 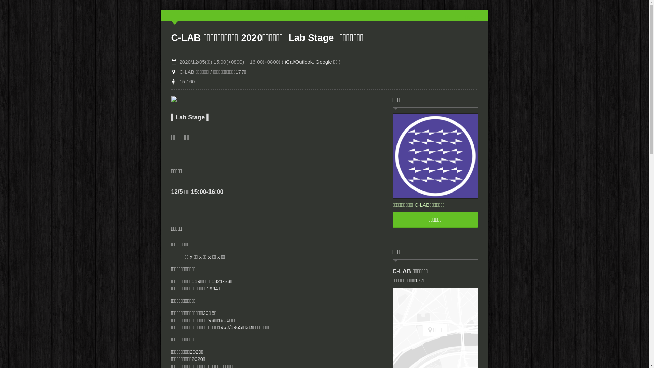 What do you see at coordinates (299, 62) in the screenshot?
I see `'iCal/Outlook'` at bounding box center [299, 62].